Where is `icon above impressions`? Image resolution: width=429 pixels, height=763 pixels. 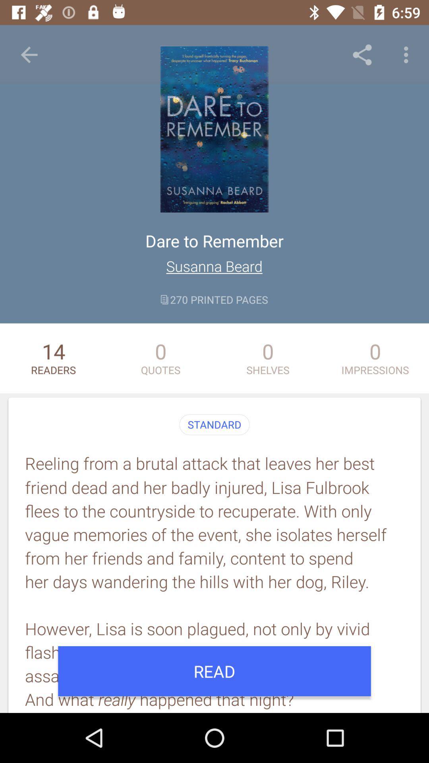 icon above impressions is located at coordinates (408, 54).